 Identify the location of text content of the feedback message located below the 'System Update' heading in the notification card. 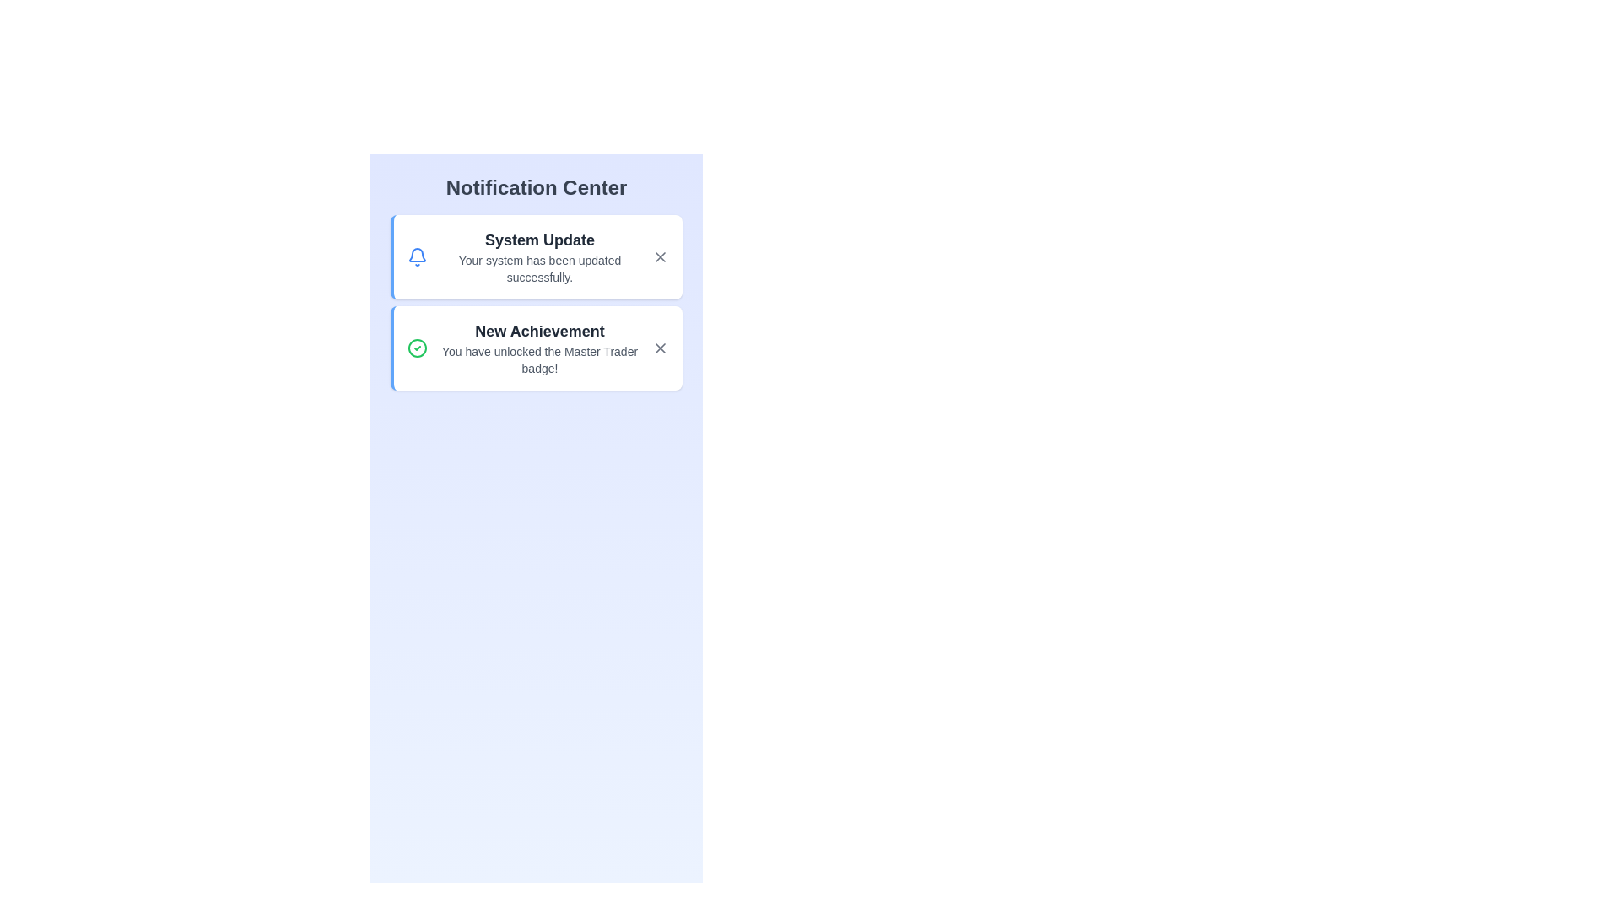
(538, 268).